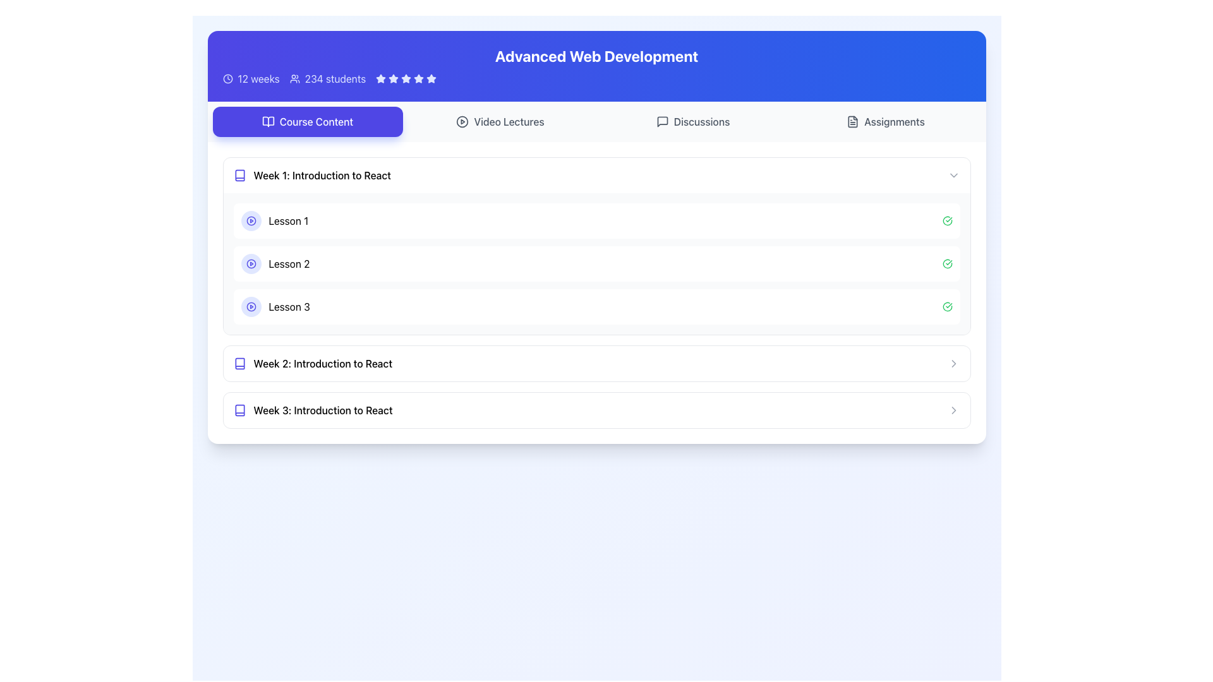 This screenshot has width=1213, height=682. Describe the element at coordinates (596, 363) in the screenshot. I see `the interactive row titled 'Week 2: Introduction to React'` at that location.